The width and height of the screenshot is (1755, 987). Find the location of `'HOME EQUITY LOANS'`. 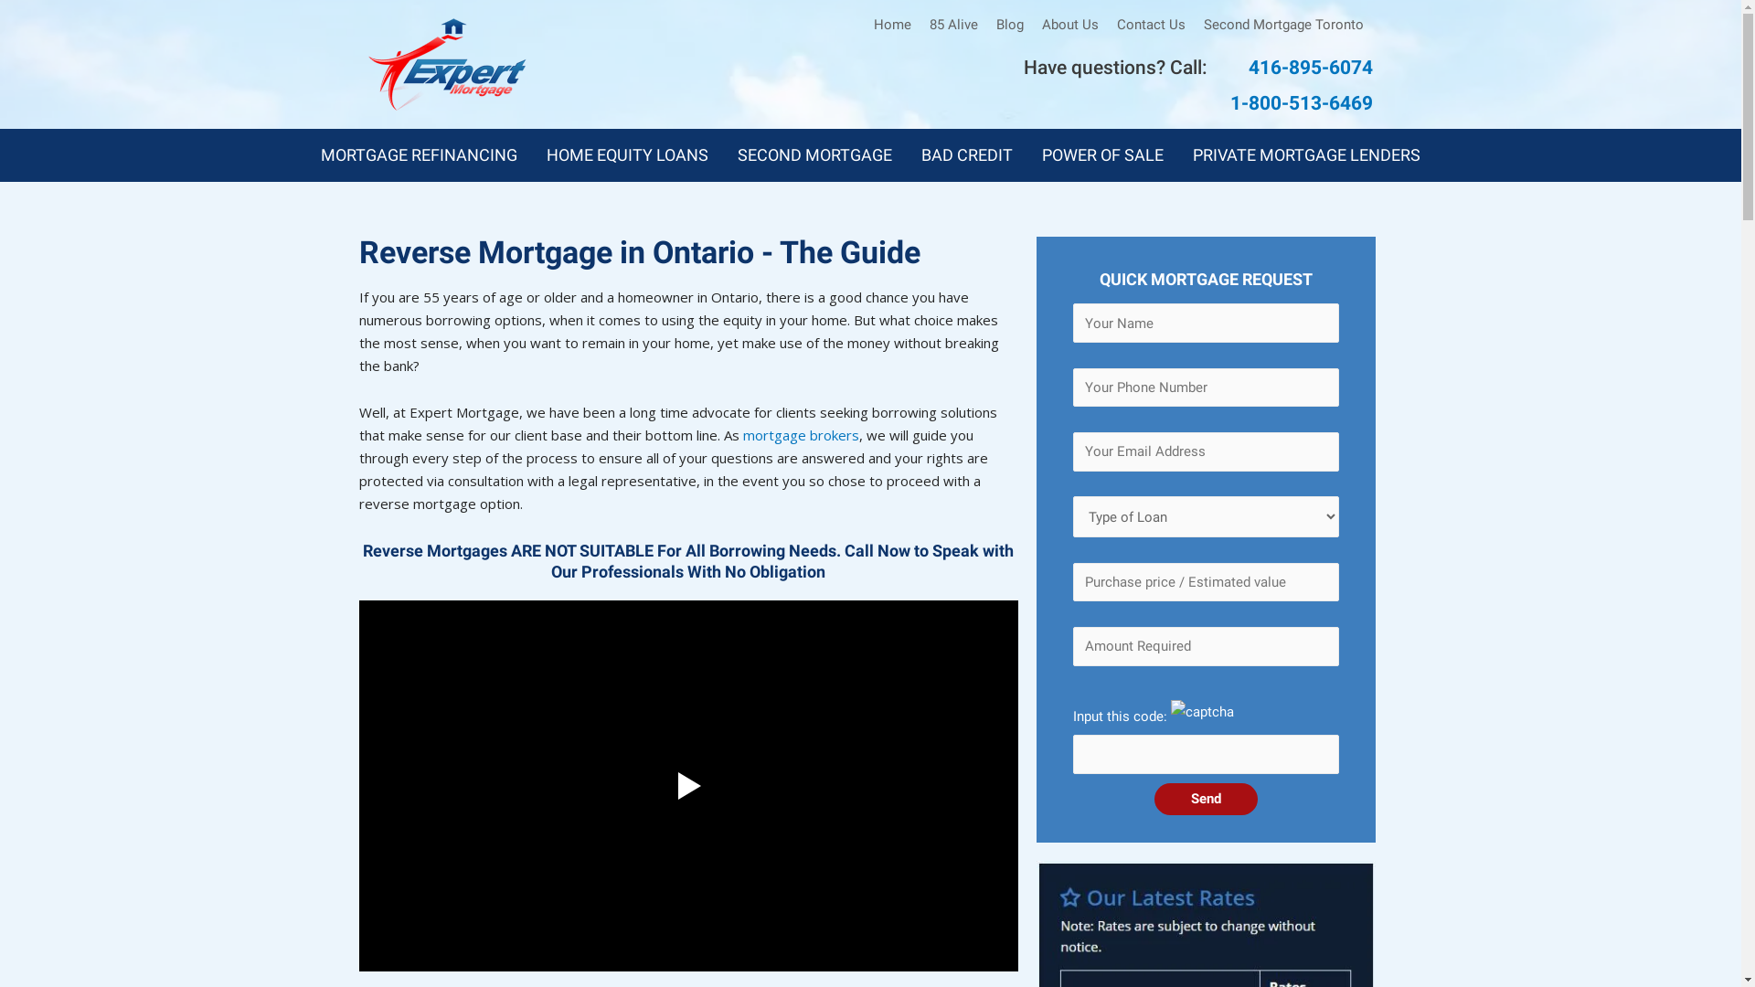

'HOME EQUITY LOANS' is located at coordinates (627, 154).